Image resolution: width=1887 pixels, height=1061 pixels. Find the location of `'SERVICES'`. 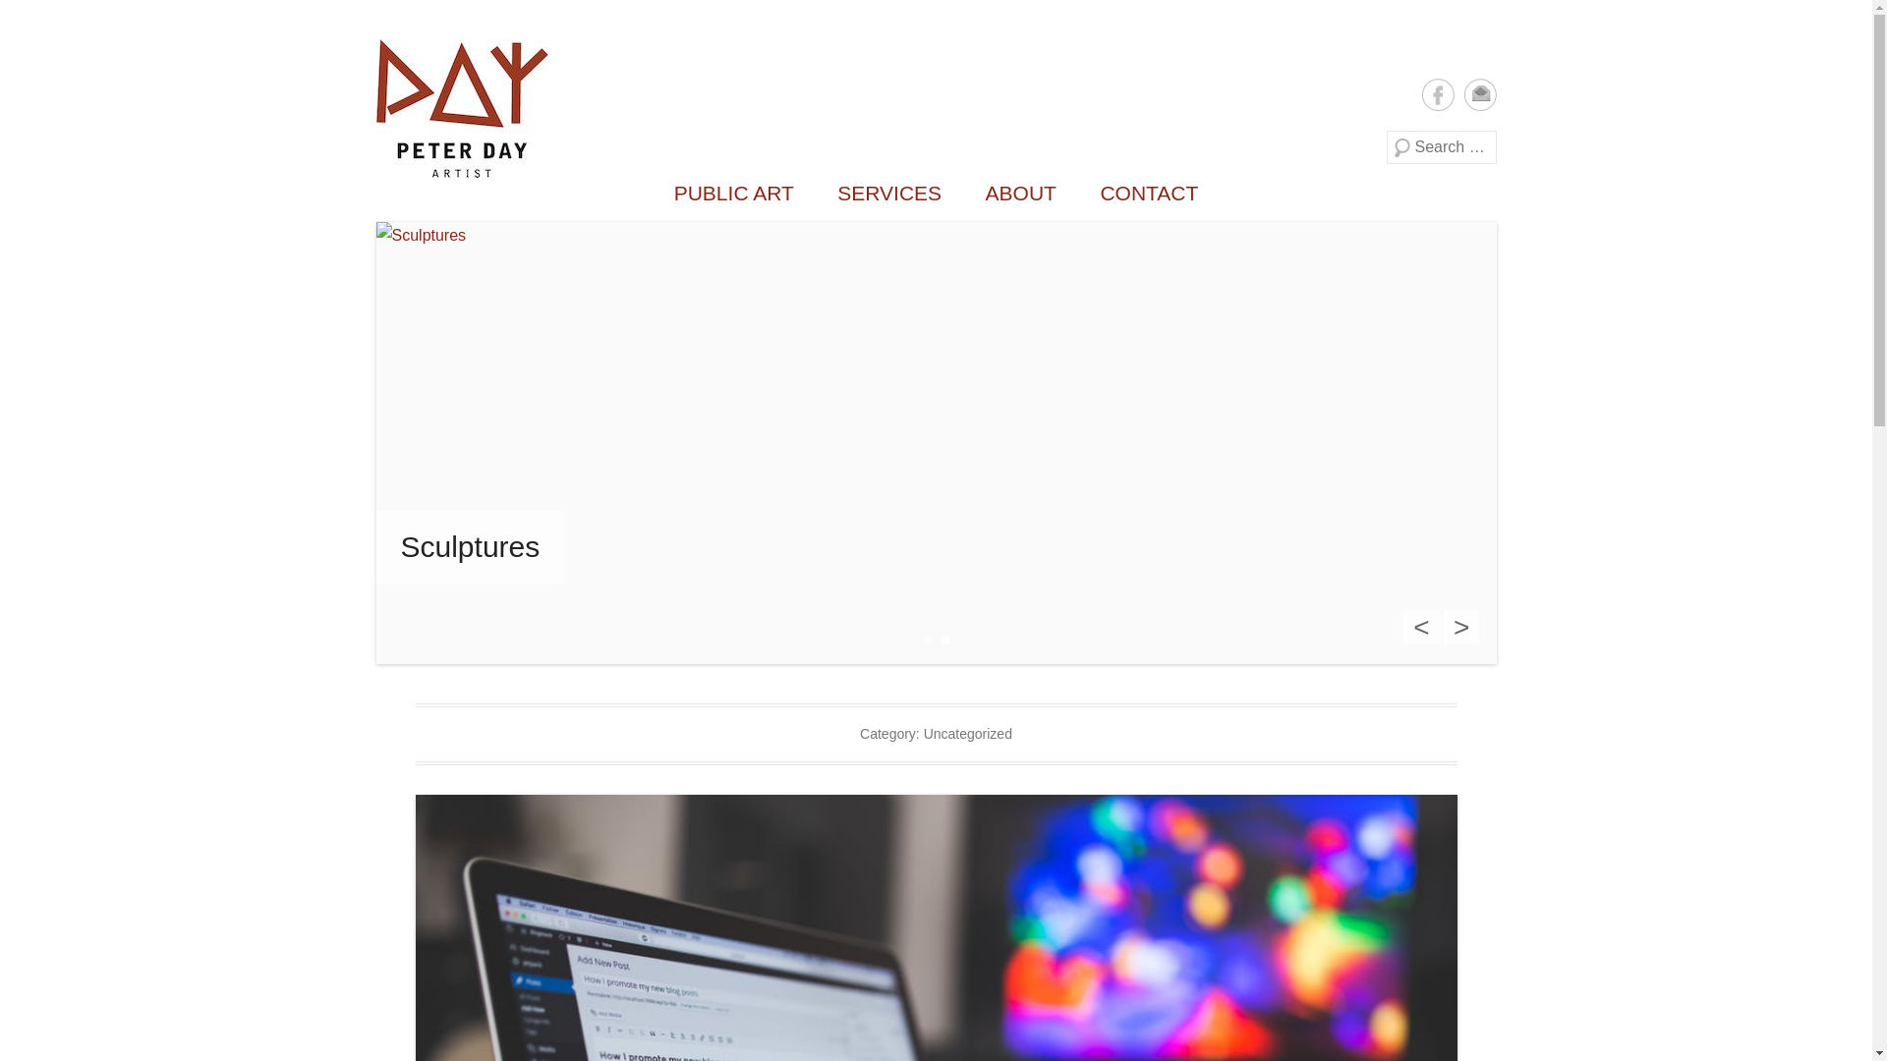

'SERVICES' is located at coordinates (817, 193).